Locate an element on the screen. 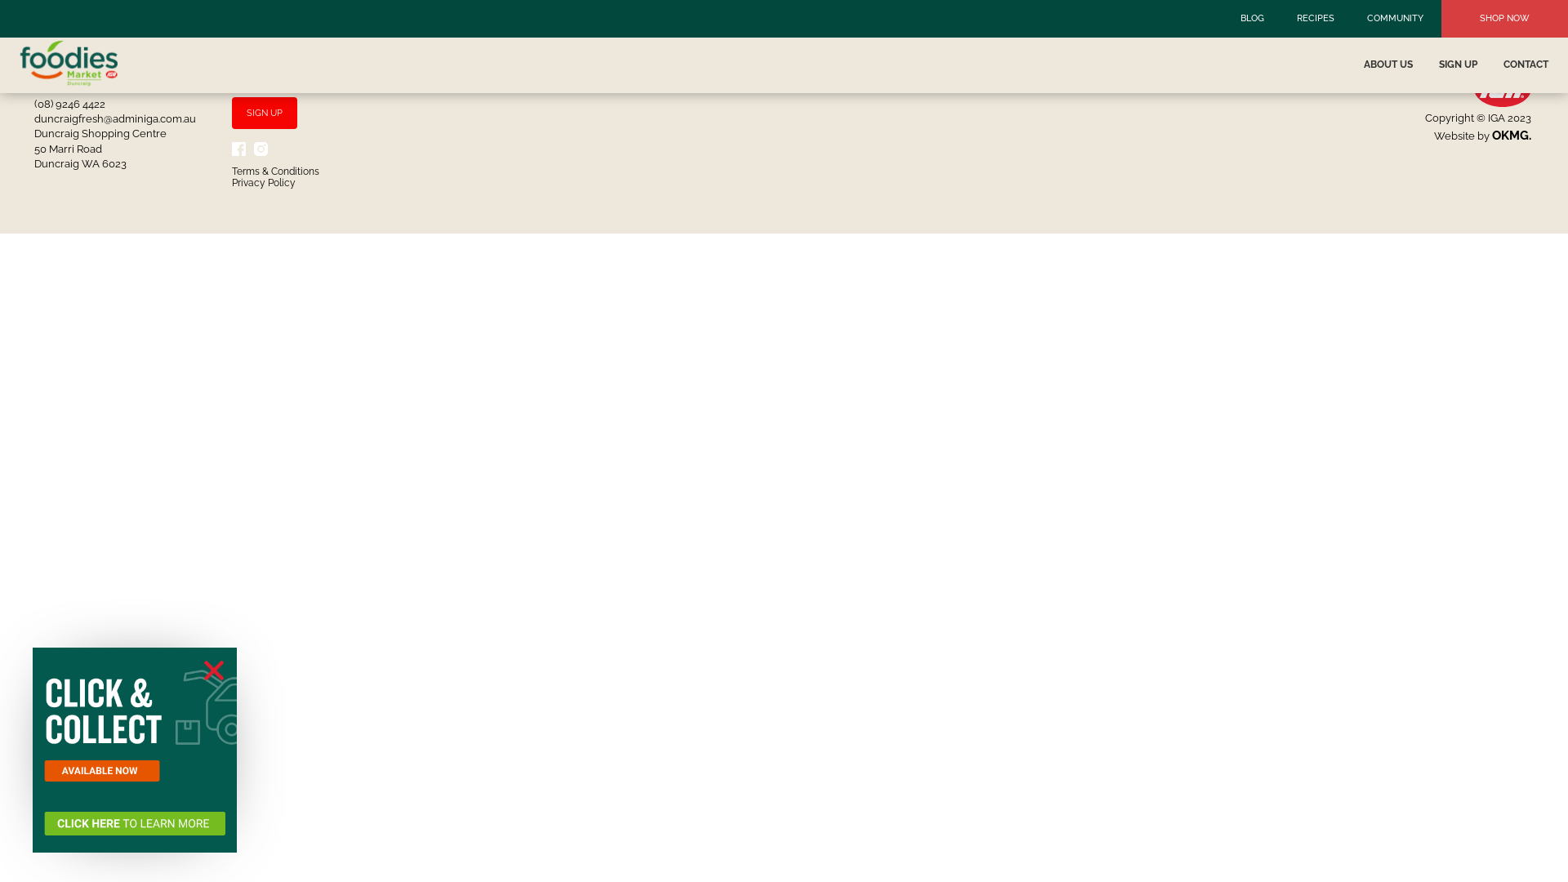 This screenshot has width=1568, height=882. 'COMMUNITY' is located at coordinates (1352, 19).